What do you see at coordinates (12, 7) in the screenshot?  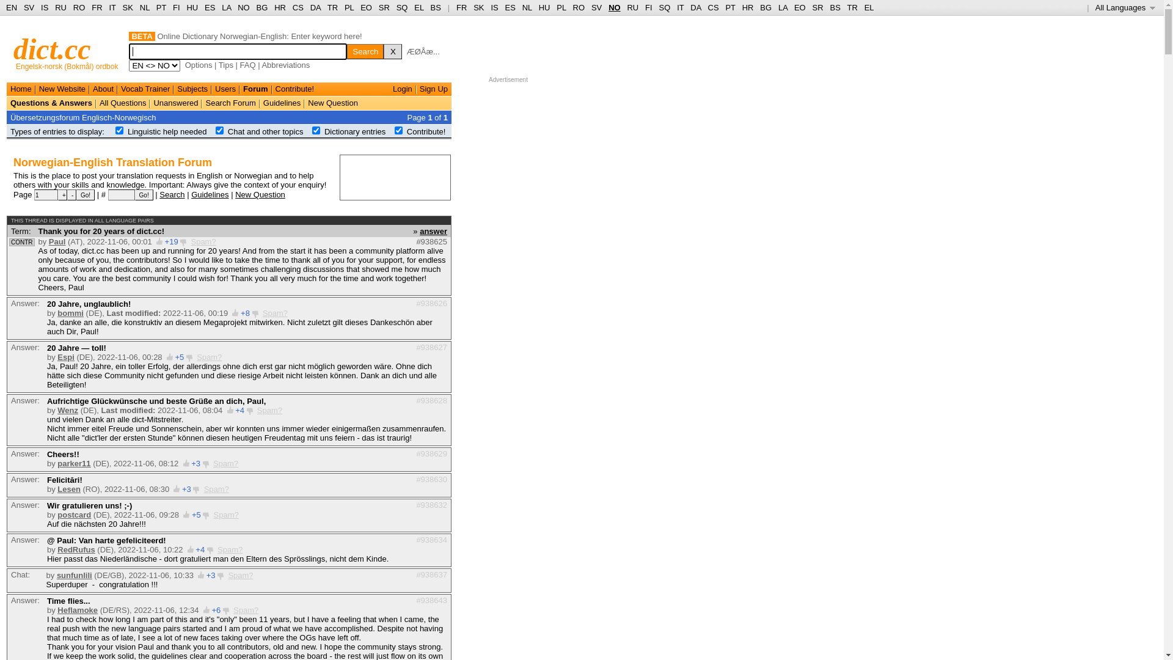 I see `'EN'` at bounding box center [12, 7].